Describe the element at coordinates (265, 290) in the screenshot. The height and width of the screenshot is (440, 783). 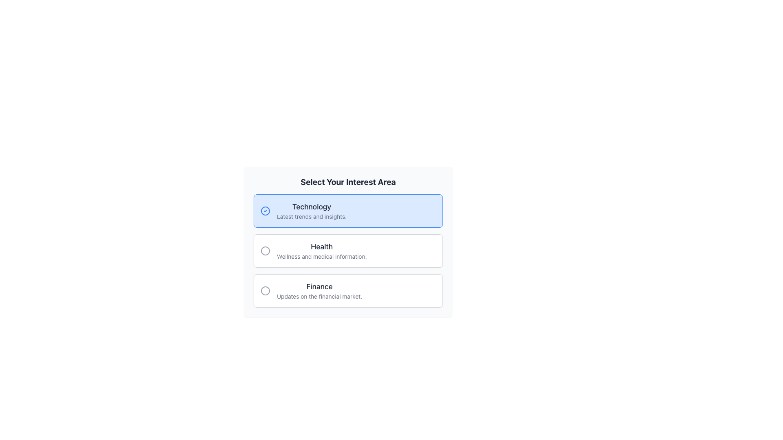
I see `the circular Radio button next to the 'Finance' option for interaction` at that location.